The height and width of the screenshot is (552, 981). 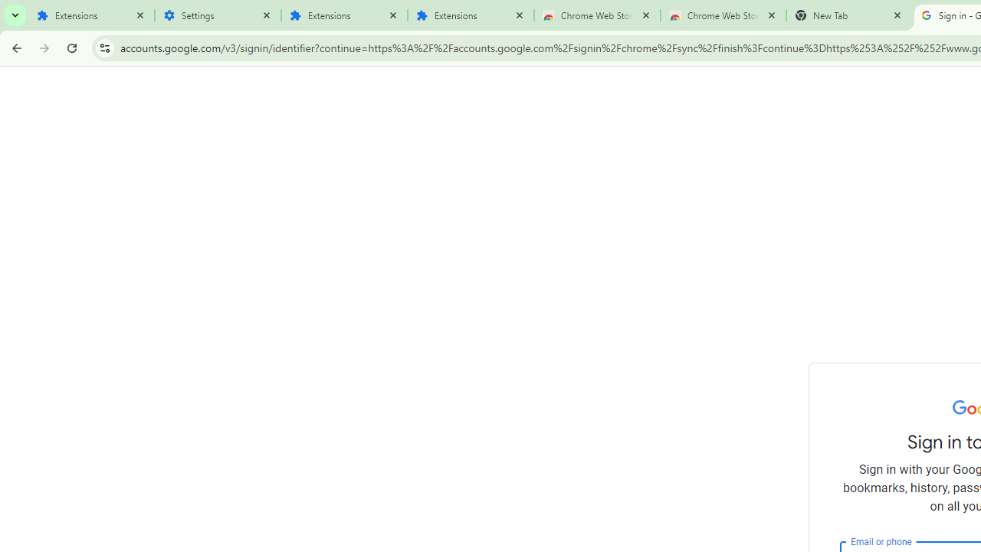 I want to click on 'Extensions', so click(x=90, y=15).